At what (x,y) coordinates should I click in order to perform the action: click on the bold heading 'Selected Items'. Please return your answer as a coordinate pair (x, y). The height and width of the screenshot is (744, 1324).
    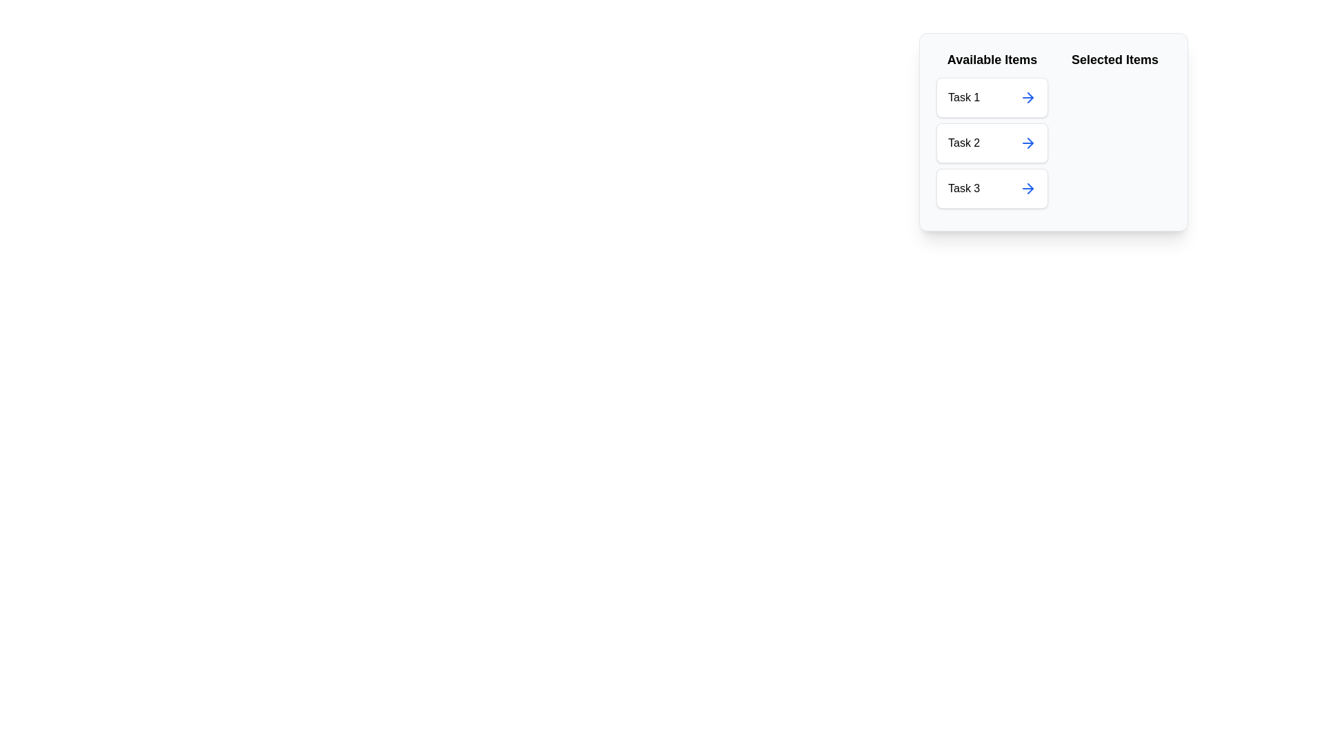
    Looking at the image, I should click on (1115, 59).